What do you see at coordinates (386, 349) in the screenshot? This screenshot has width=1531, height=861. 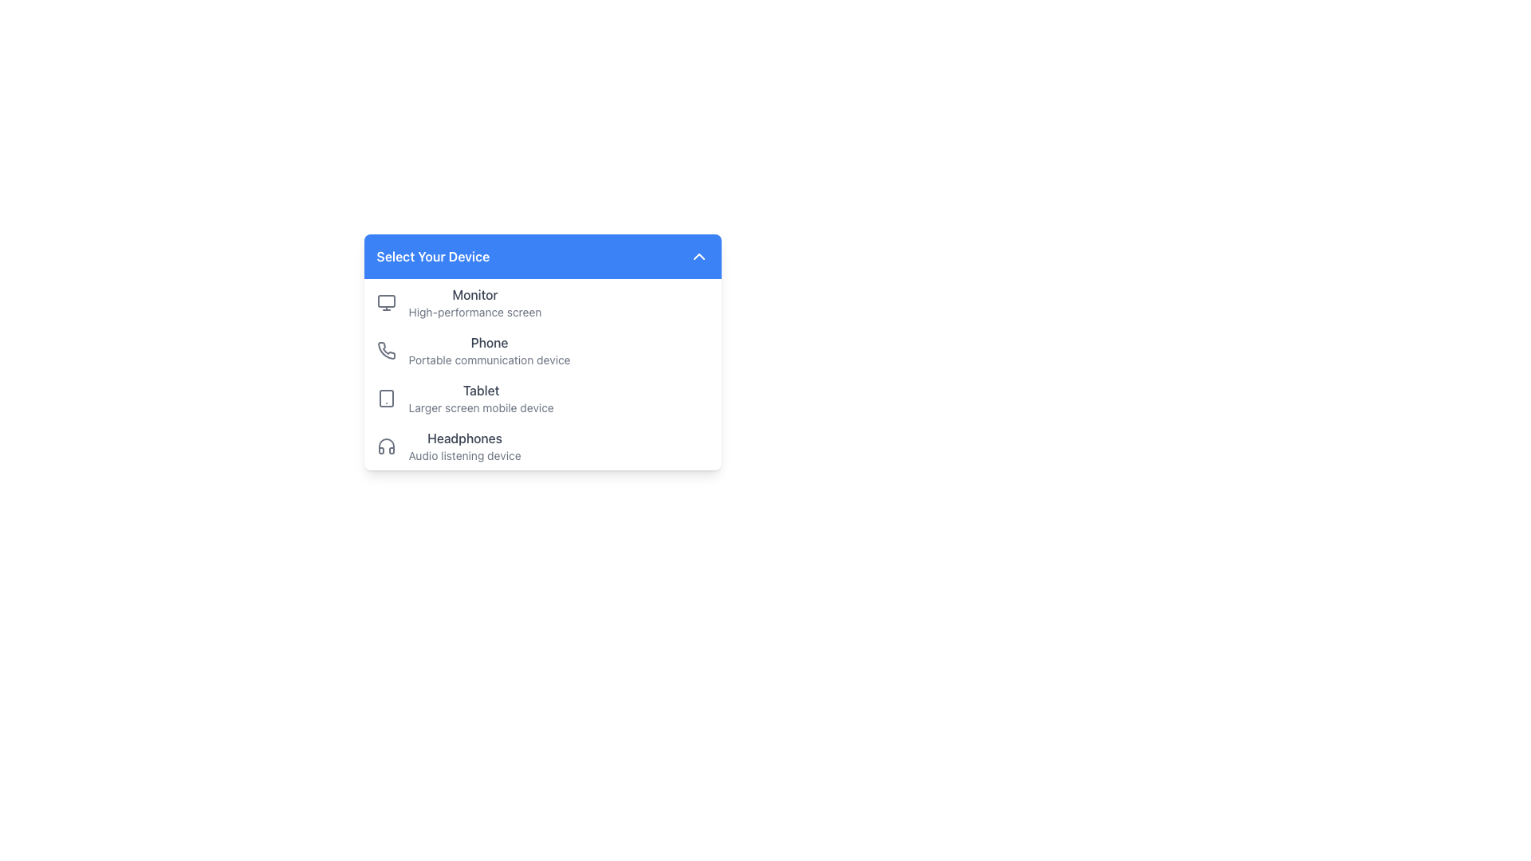 I see `the stylized gray phone receiver icon in the 'Select Your Device' section, which is the second option under 'Phone'` at bounding box center [386, 349].